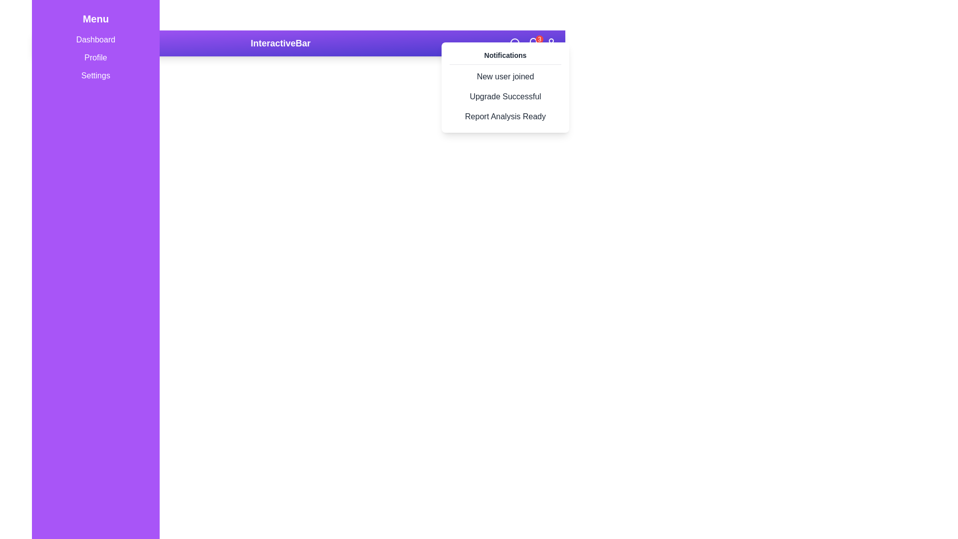 Image resolution: width=958 pixels, height=539 pixels. I want to click on the navigation menu item at the top of the sidebar, which serves as a link to the dashboard page, so click(96, 39).